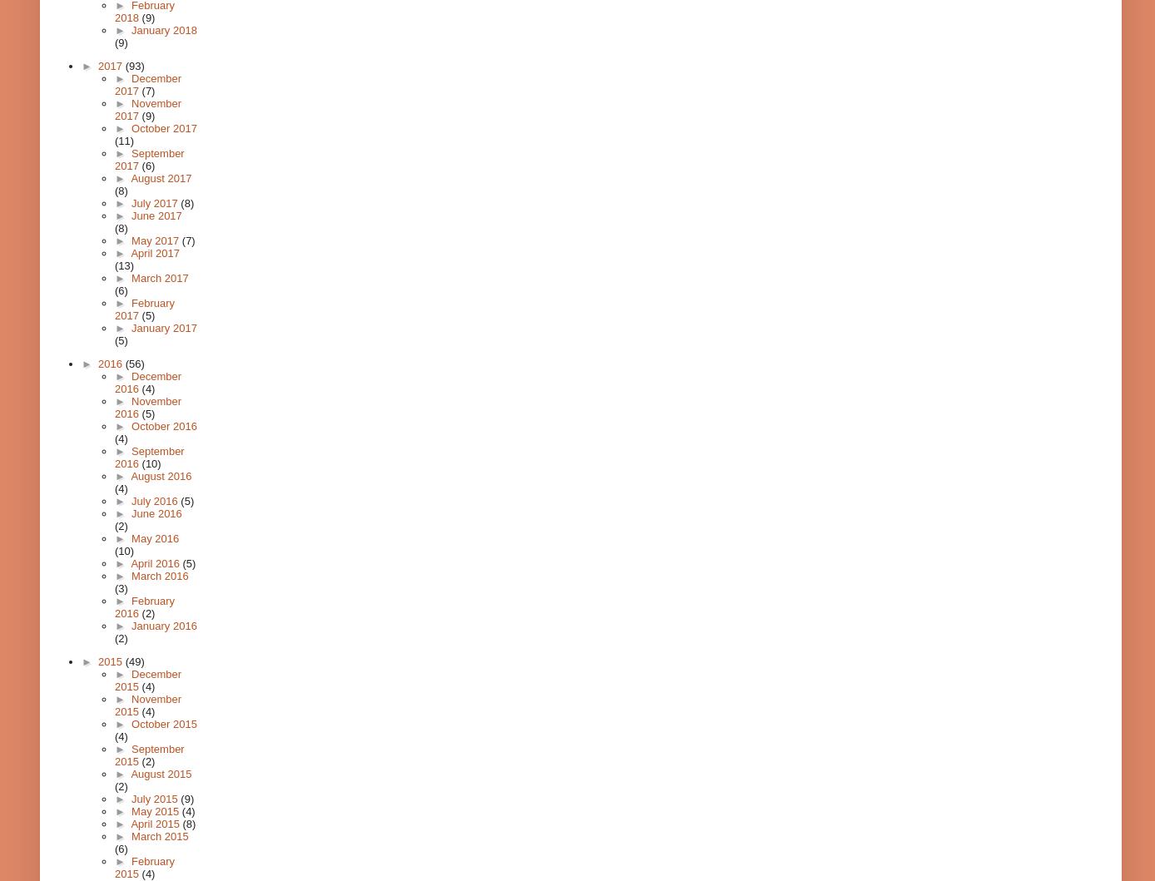 The height and width of the screenshot is (881, 1155). What do you see at coordinates (145, 606) in the screenshot?
I see `'February 2016'` at bounding box center [145, 606].